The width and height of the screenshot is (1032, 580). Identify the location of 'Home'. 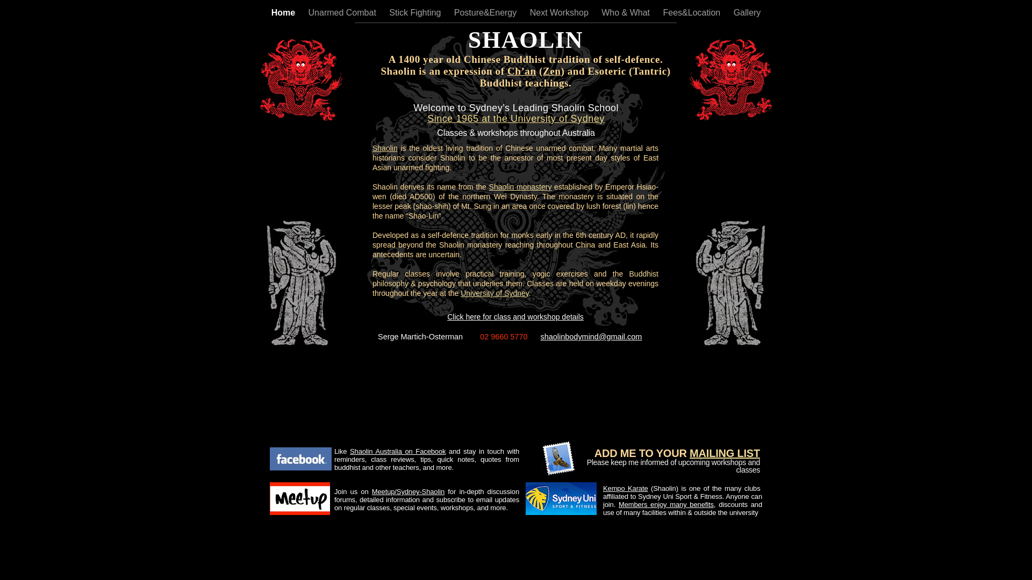
(271, 12).